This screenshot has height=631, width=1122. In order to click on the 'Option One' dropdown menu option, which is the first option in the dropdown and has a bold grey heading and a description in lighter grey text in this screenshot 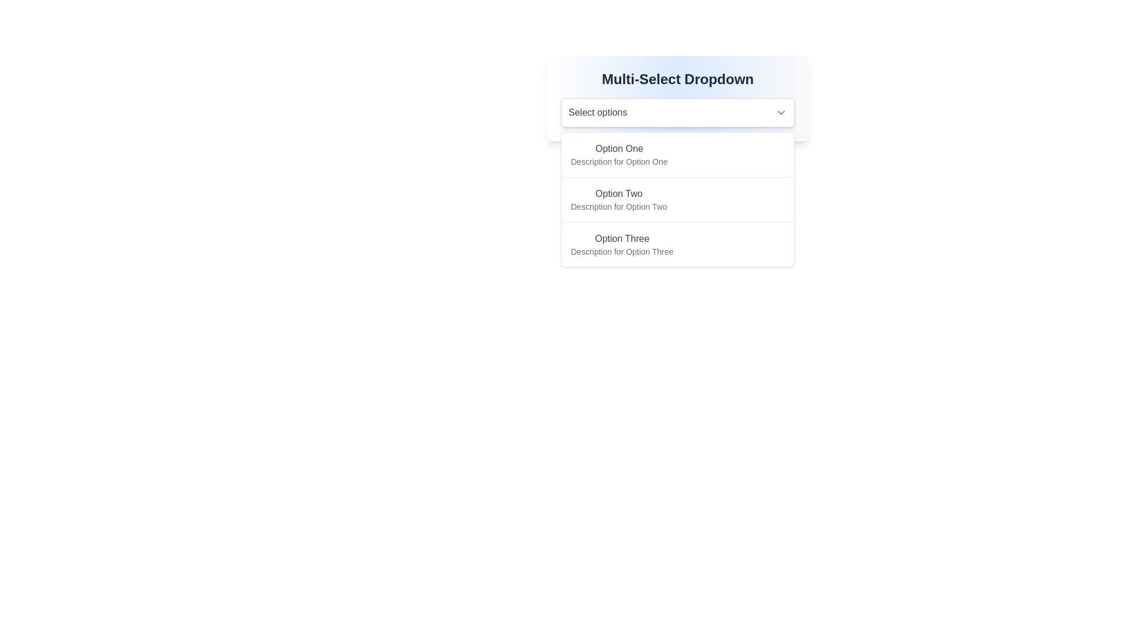, I will do `click(618, 154)`.